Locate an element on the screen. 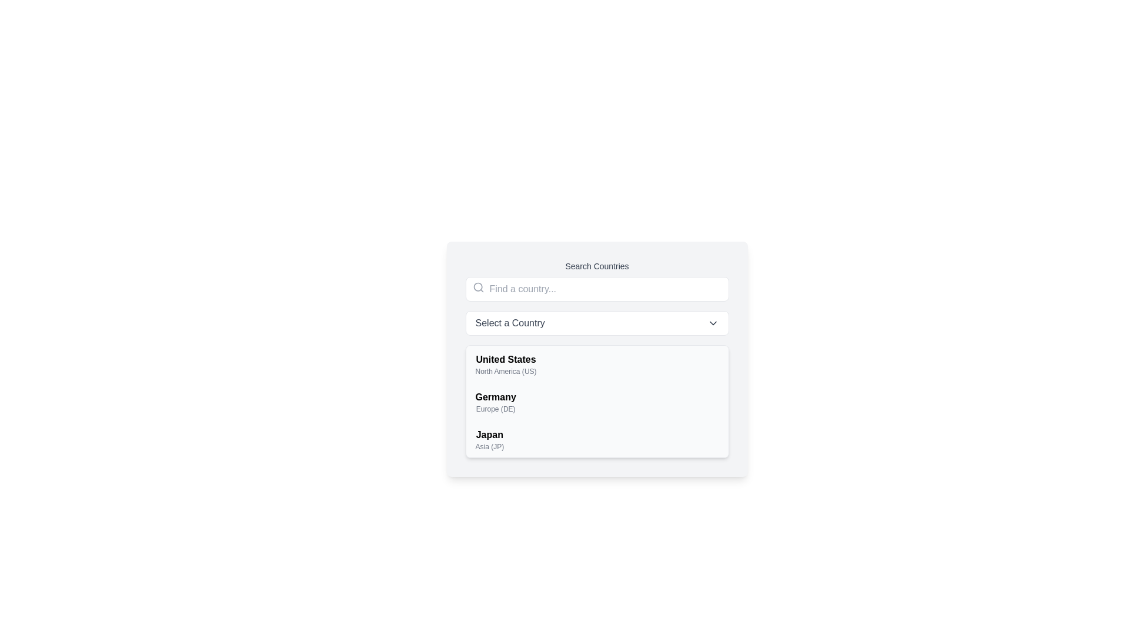  the circular graphic element with a light gray stroke located within the magnifying glass icon to the left of the 'Find a country...' placeholder text in the search field is located at coordinates (477, 287).